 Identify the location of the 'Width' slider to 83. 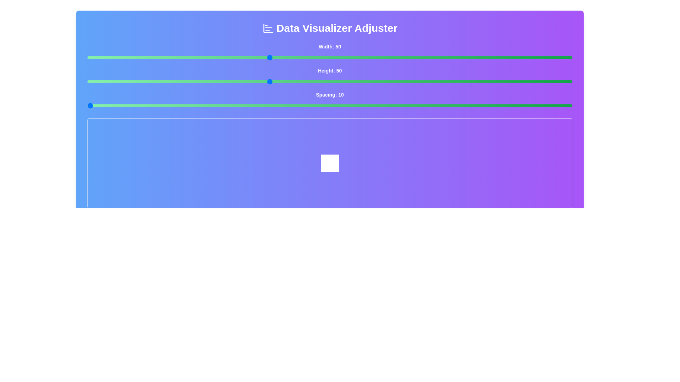
(469, 57).